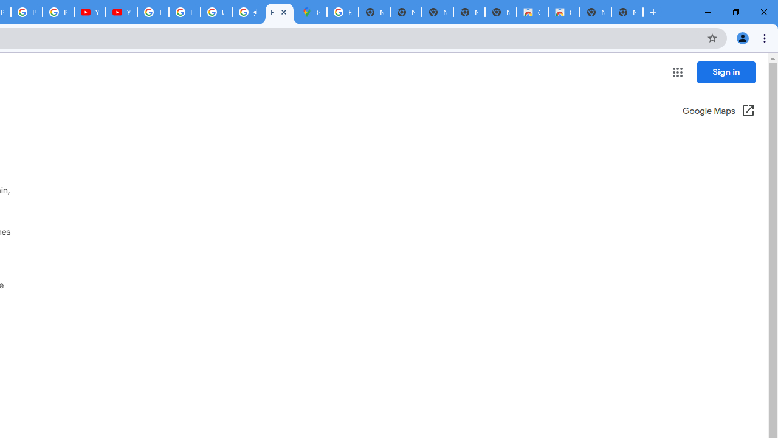  What do you see at coordinates (279, 12) in the screenshot?
I see `'Explore new street-level details - Google Maps Help'` at bounding box center [279, 12].